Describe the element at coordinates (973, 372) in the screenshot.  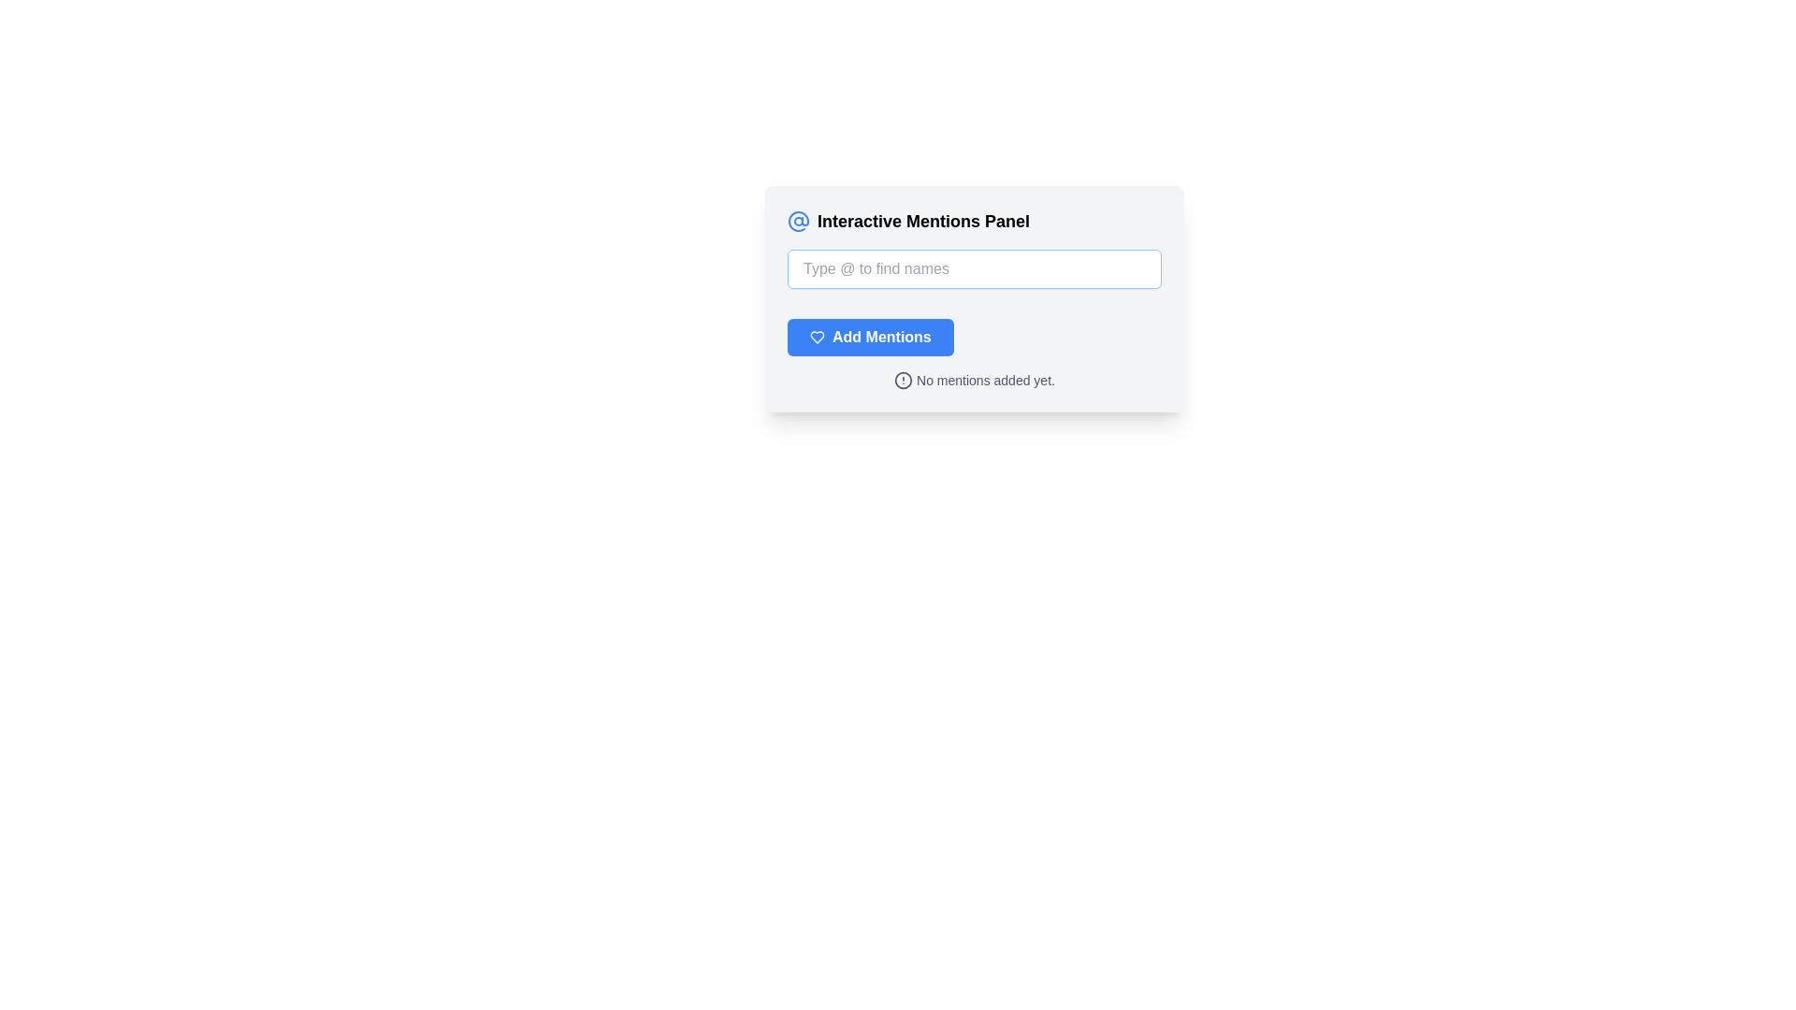
I see `the informational static text label that indicates there are no mentions added, which is located directly below the 'Add Mentions' button` at that location.